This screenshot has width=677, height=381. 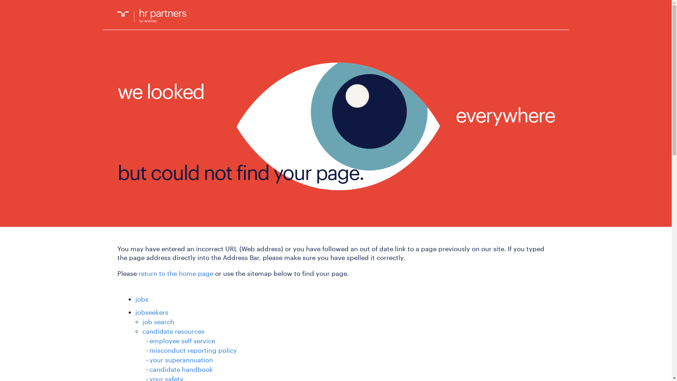 I want to click on 'candidate handbook', so click(x=181, y=369).